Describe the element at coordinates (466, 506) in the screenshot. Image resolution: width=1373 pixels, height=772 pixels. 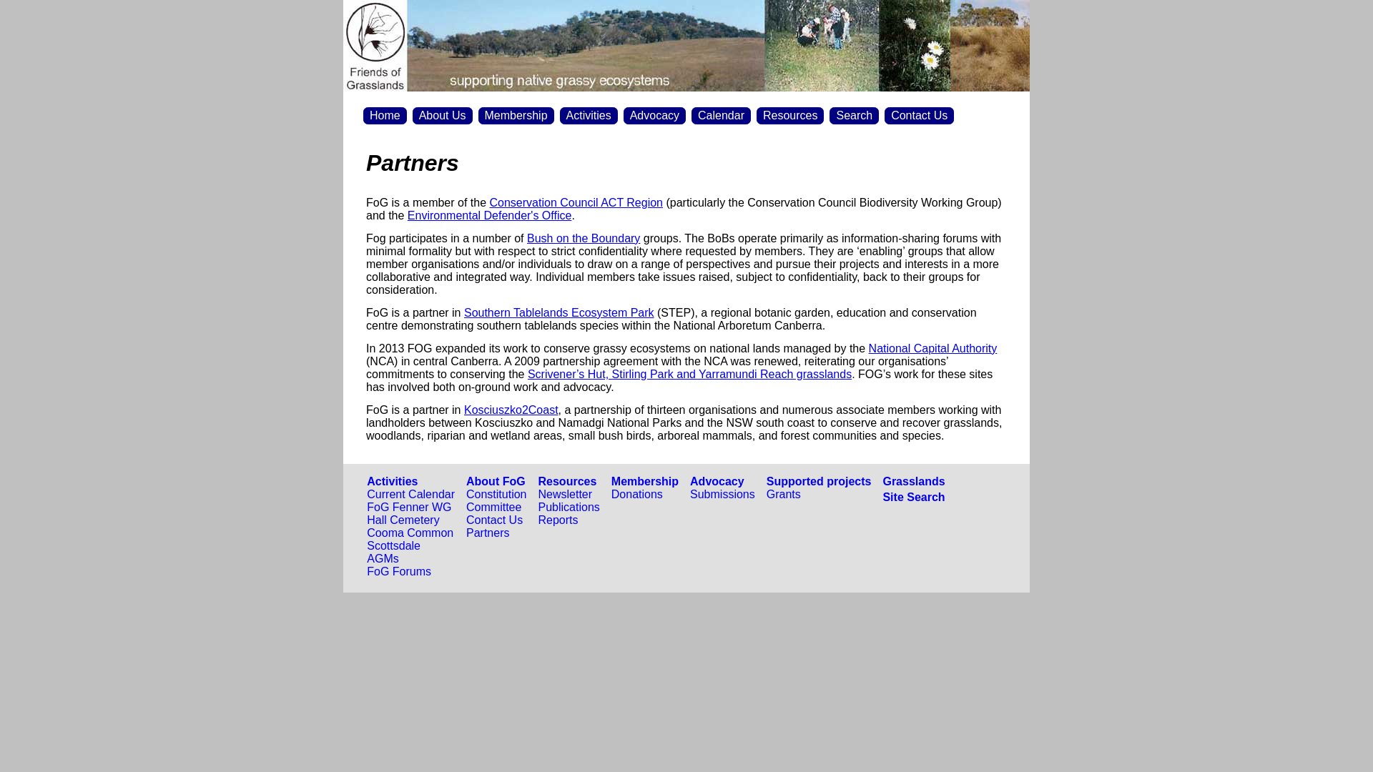
I see `'Committee'` at that location.